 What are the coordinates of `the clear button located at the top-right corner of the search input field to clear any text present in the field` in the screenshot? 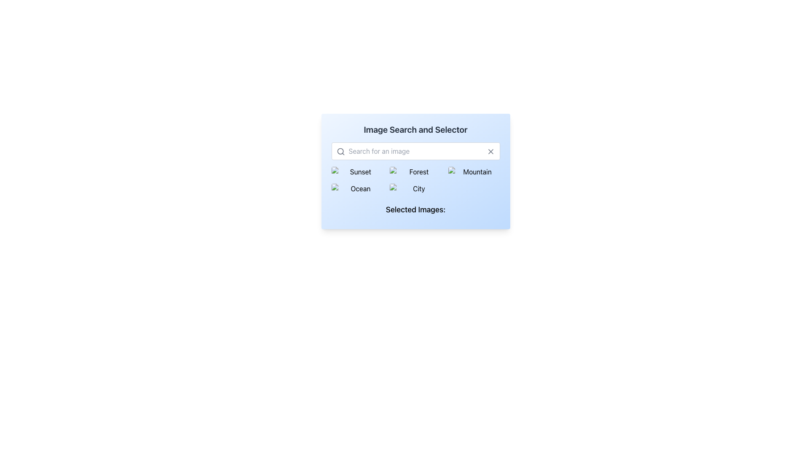 It's located at (490, 151).